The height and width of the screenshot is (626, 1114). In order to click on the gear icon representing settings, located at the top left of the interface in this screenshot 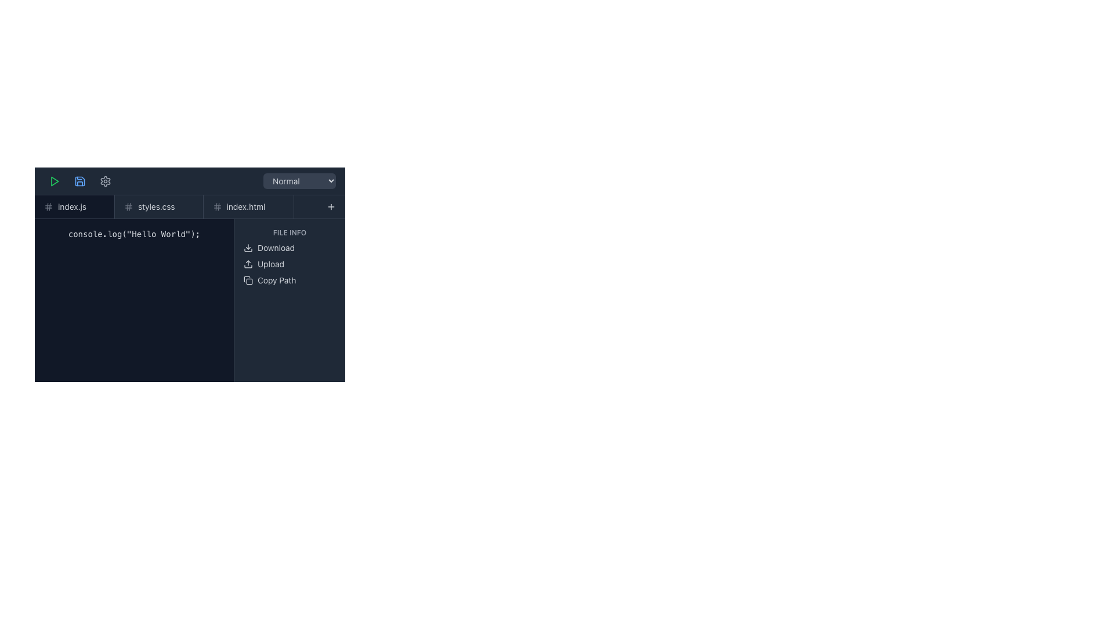, I will do `click(106, 181)`.